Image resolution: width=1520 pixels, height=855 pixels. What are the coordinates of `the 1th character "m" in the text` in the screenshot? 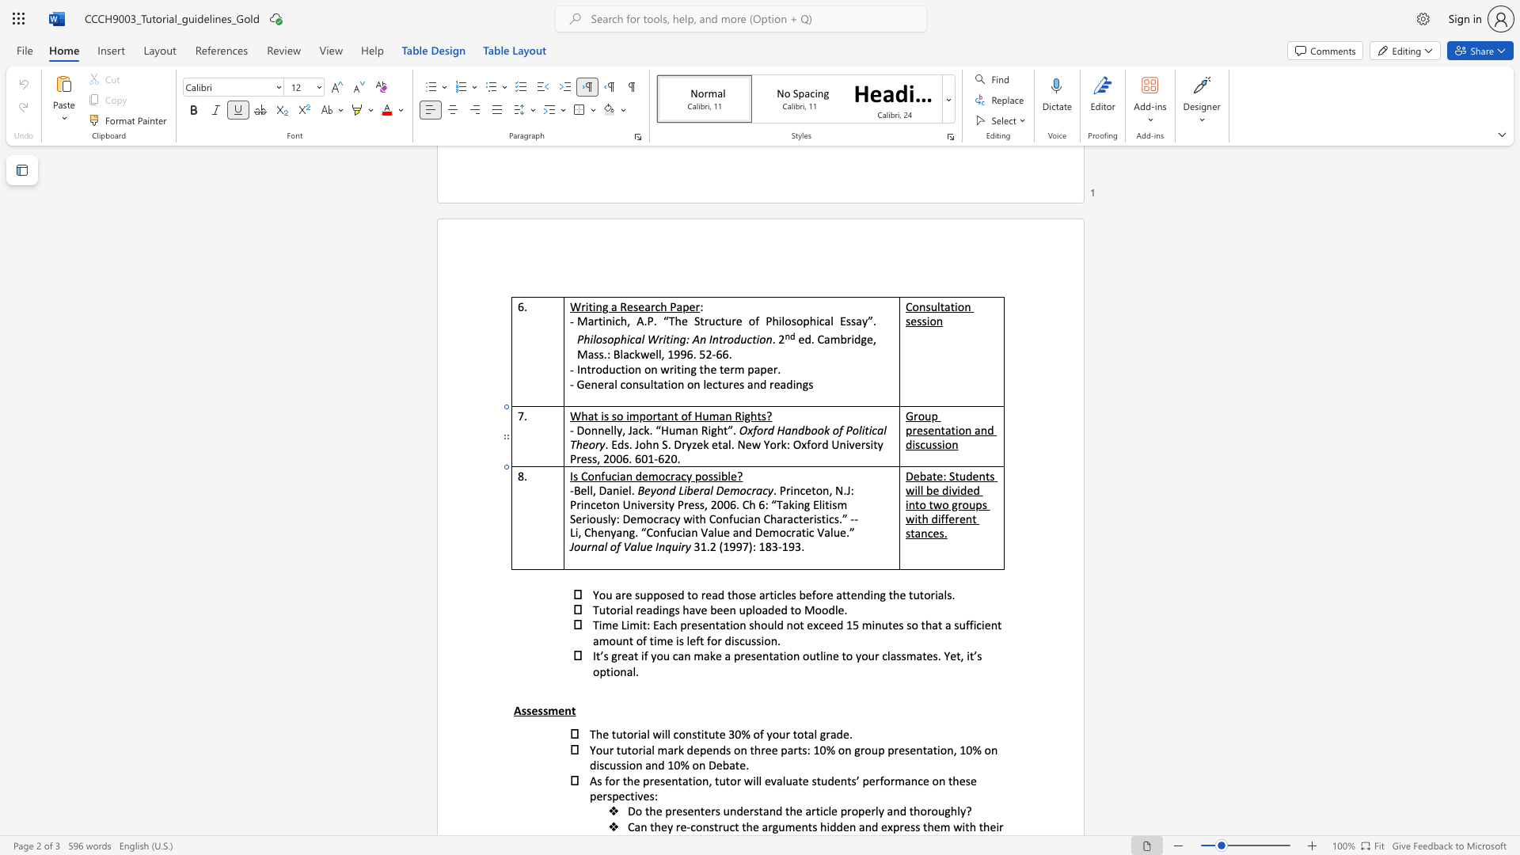 It's located at (653, 475).